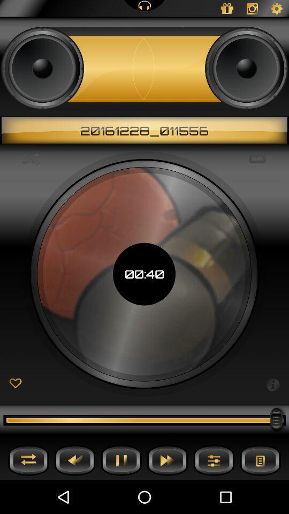  I want to click on information button, so click(272, 384).